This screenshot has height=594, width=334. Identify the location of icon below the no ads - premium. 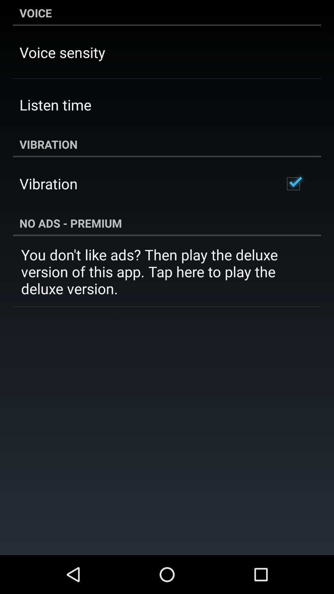
(167, 271).